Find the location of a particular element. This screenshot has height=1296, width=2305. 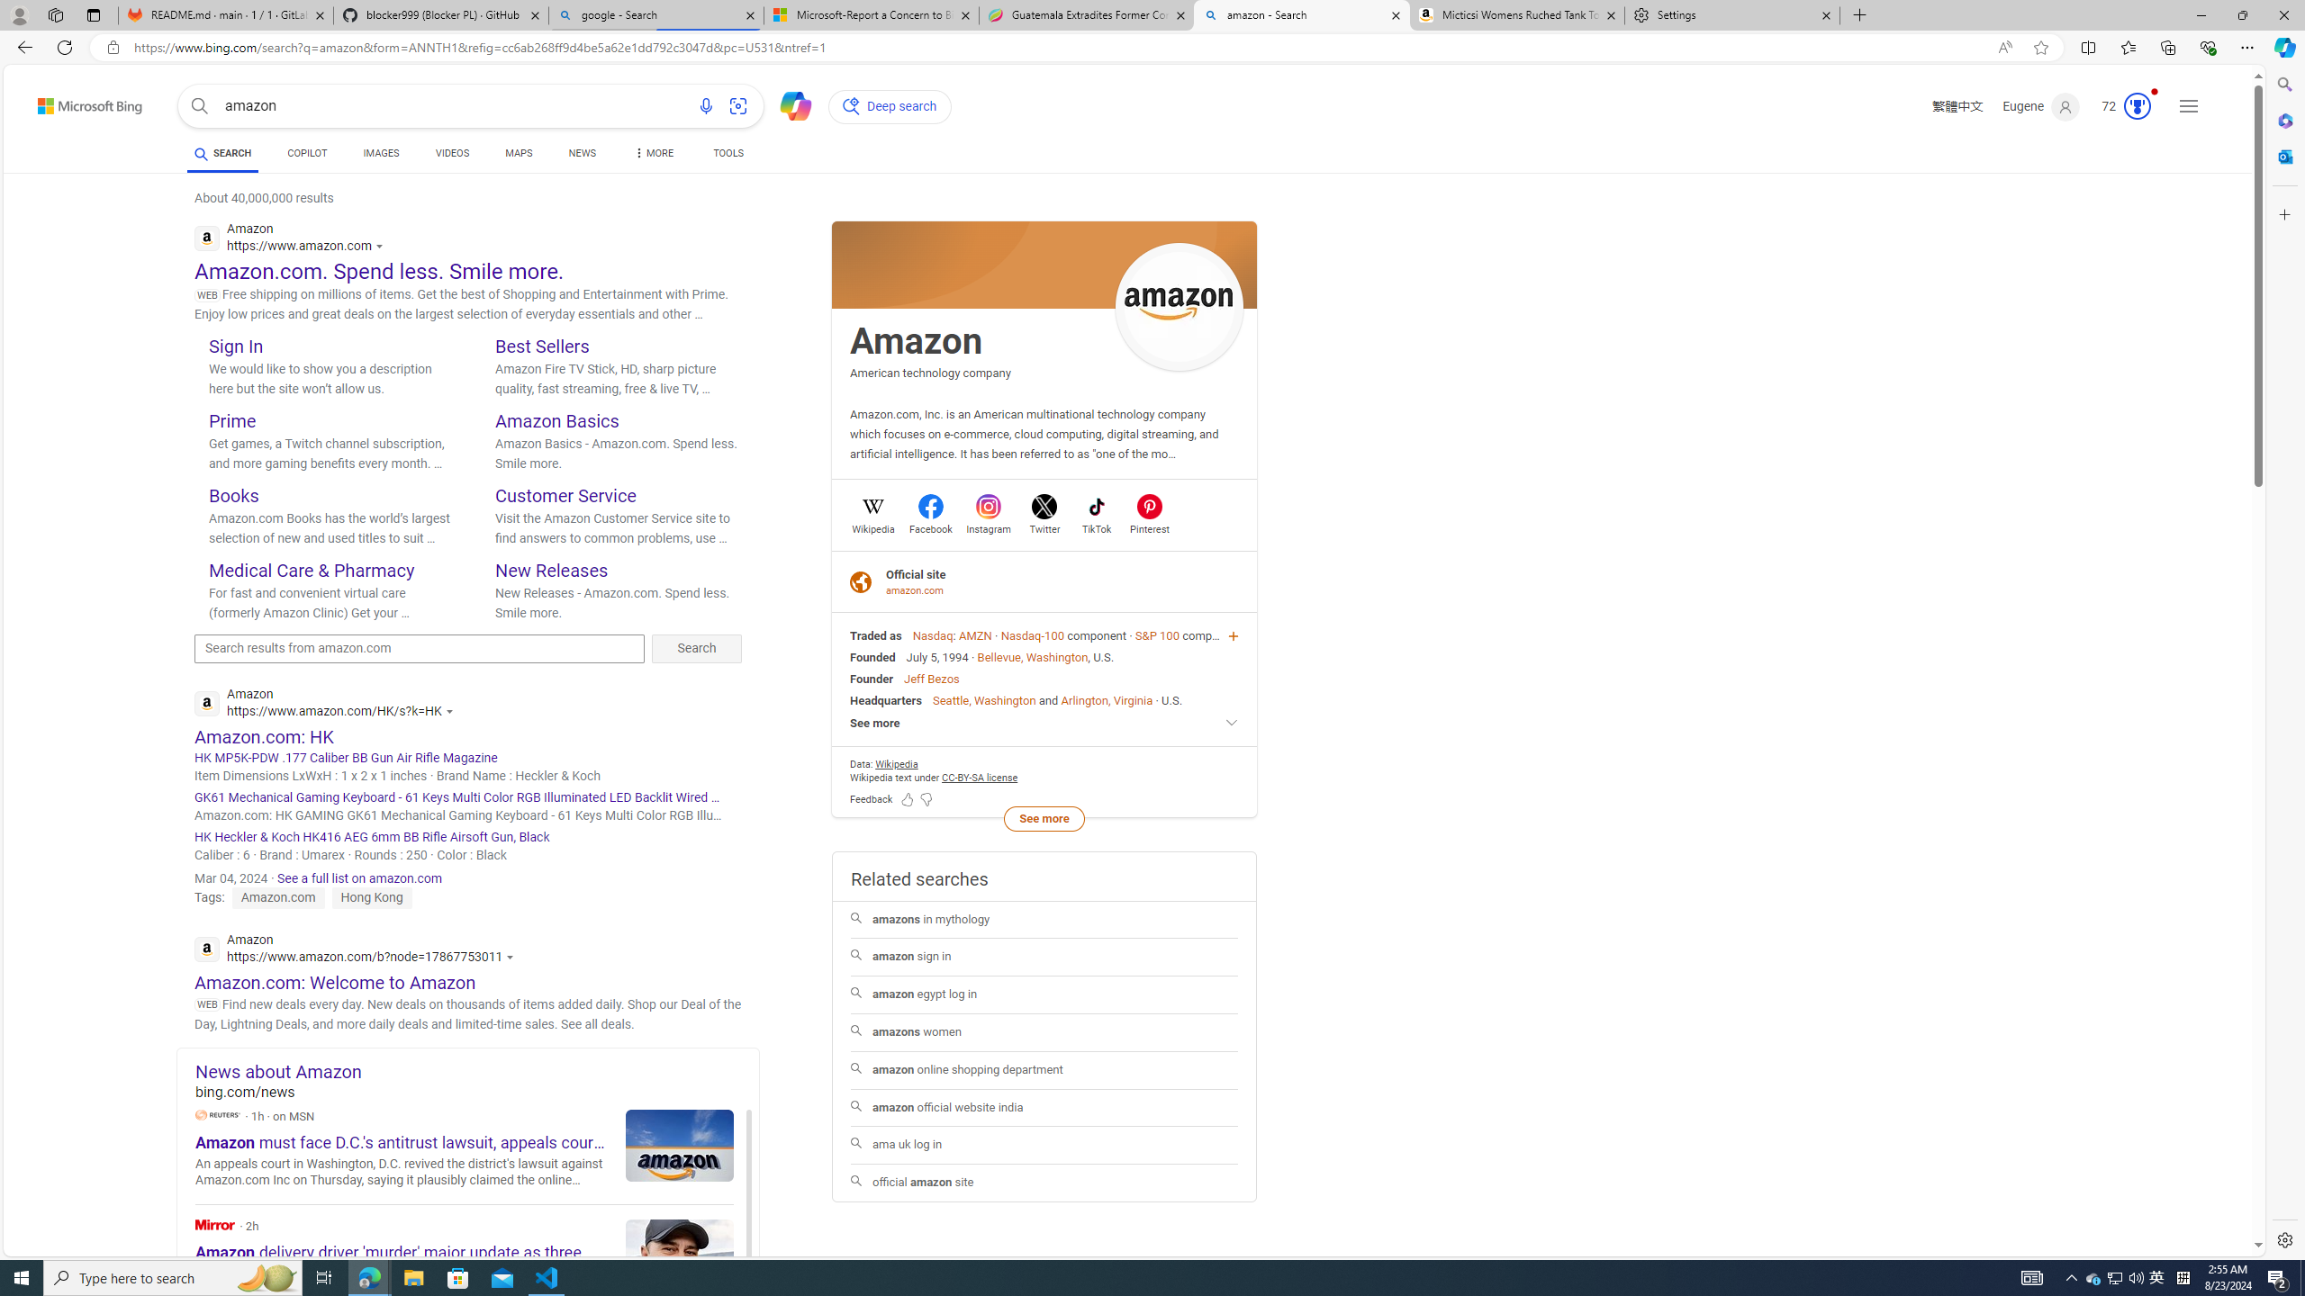

'Prime' is located at coordinates (231, 420).